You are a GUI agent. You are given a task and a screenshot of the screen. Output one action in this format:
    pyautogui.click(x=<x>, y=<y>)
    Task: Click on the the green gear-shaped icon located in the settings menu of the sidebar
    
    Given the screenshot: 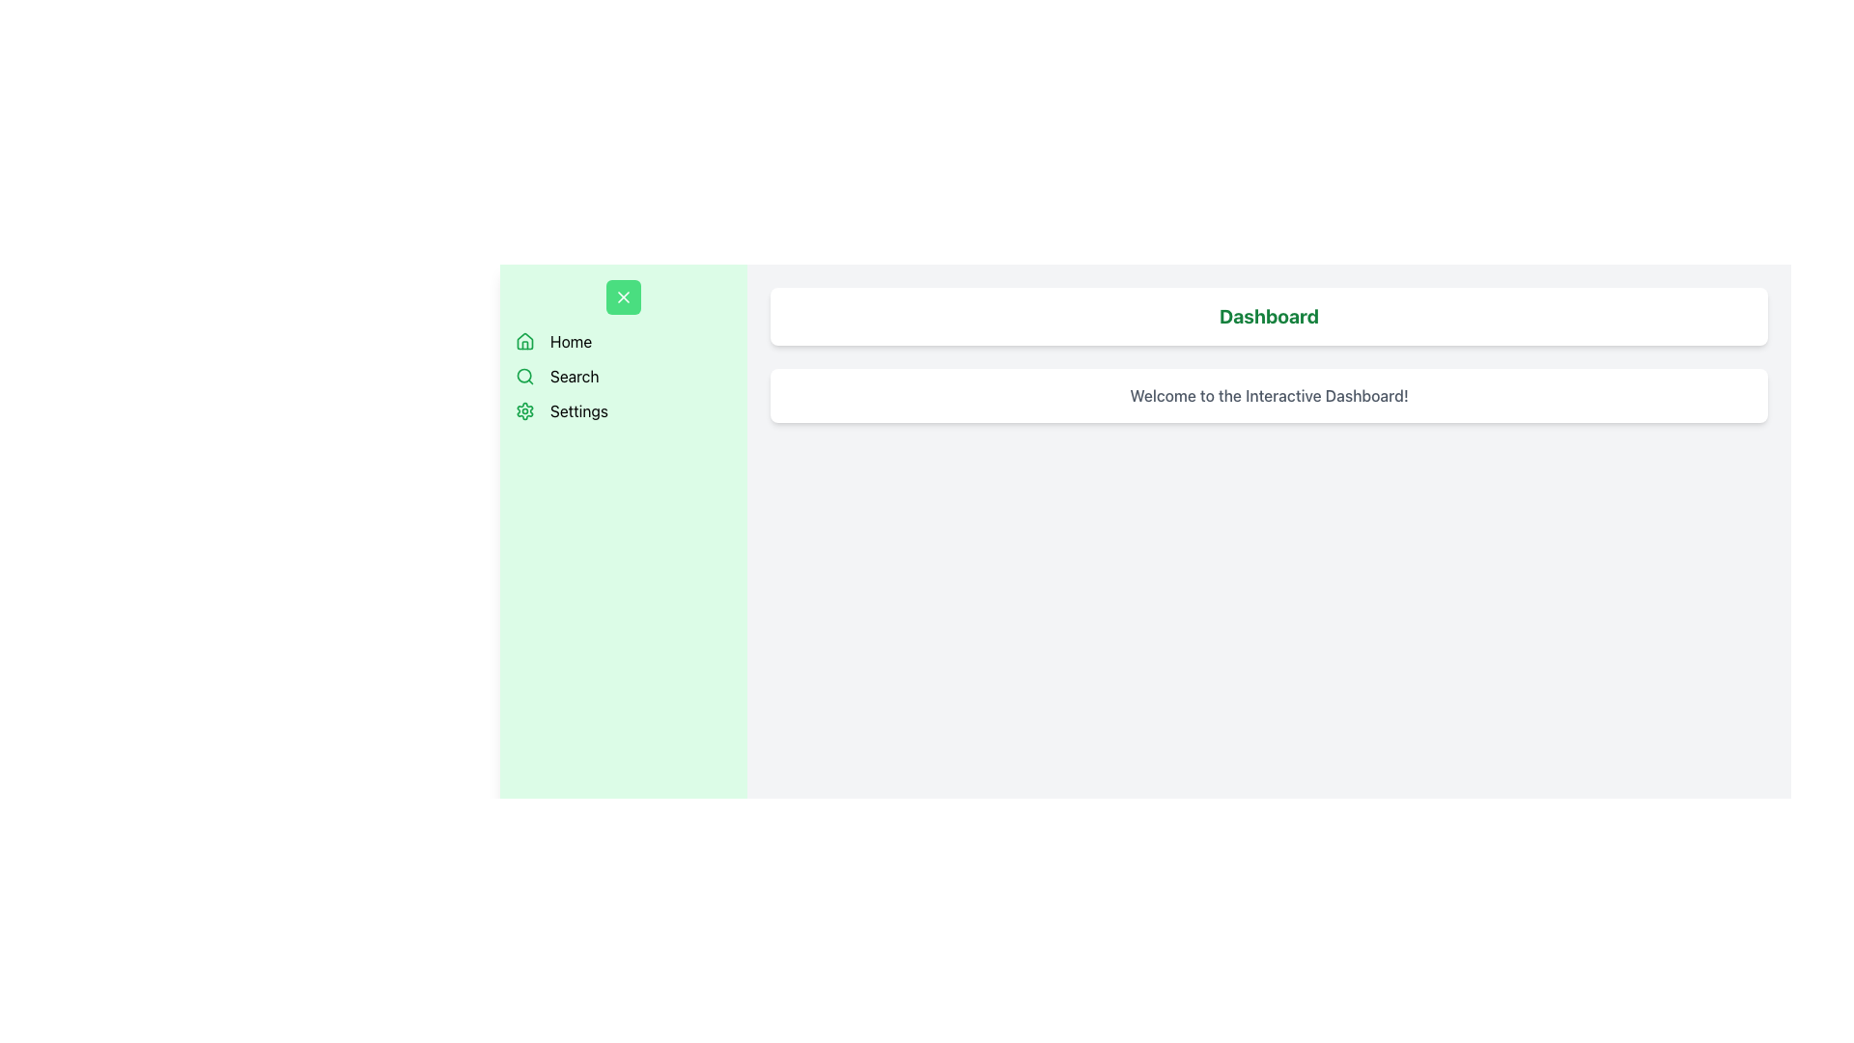 What is the action you would take?
    pyautogui.click(x=524, y=409)
    